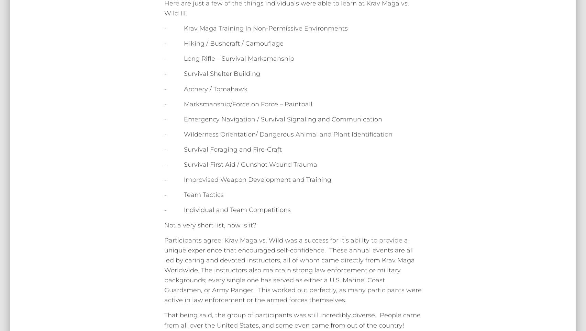  I want to click on '-          Krav Maga Training In Non-Permissive Environments', so click(256, 28).